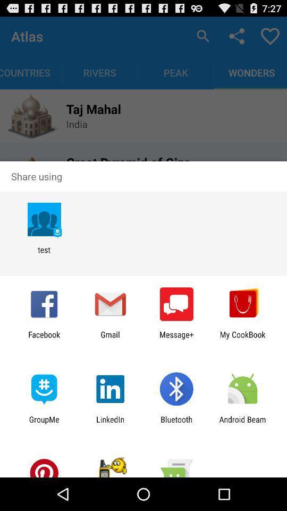 This screenshot has height=511, width=287. I want to click on the my cookbook app, so click(242, 339).